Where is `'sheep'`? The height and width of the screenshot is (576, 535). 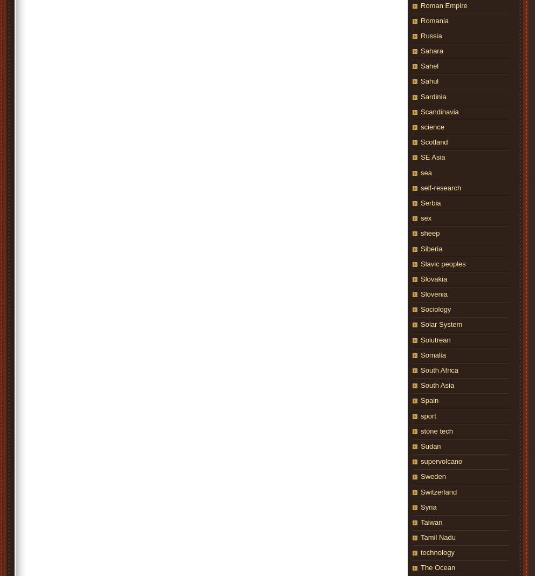 'sheep' is located at coordinates (430, 233).